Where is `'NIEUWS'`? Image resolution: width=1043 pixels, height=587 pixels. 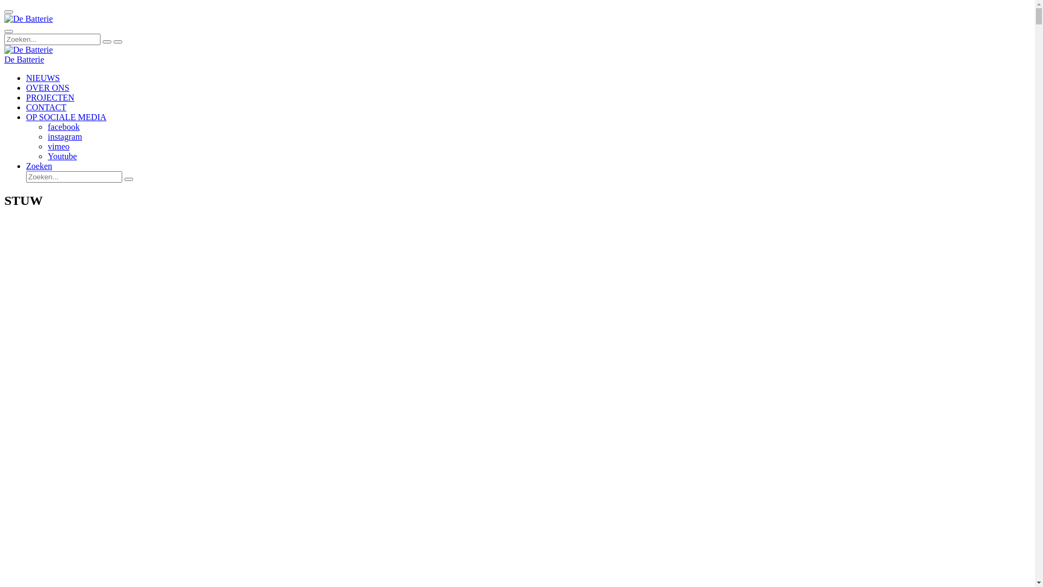
'NIEUWS' is located at coordinates (42, 77).